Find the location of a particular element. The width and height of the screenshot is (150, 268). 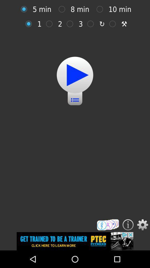

number 2 is located at coordinates (51, 24).